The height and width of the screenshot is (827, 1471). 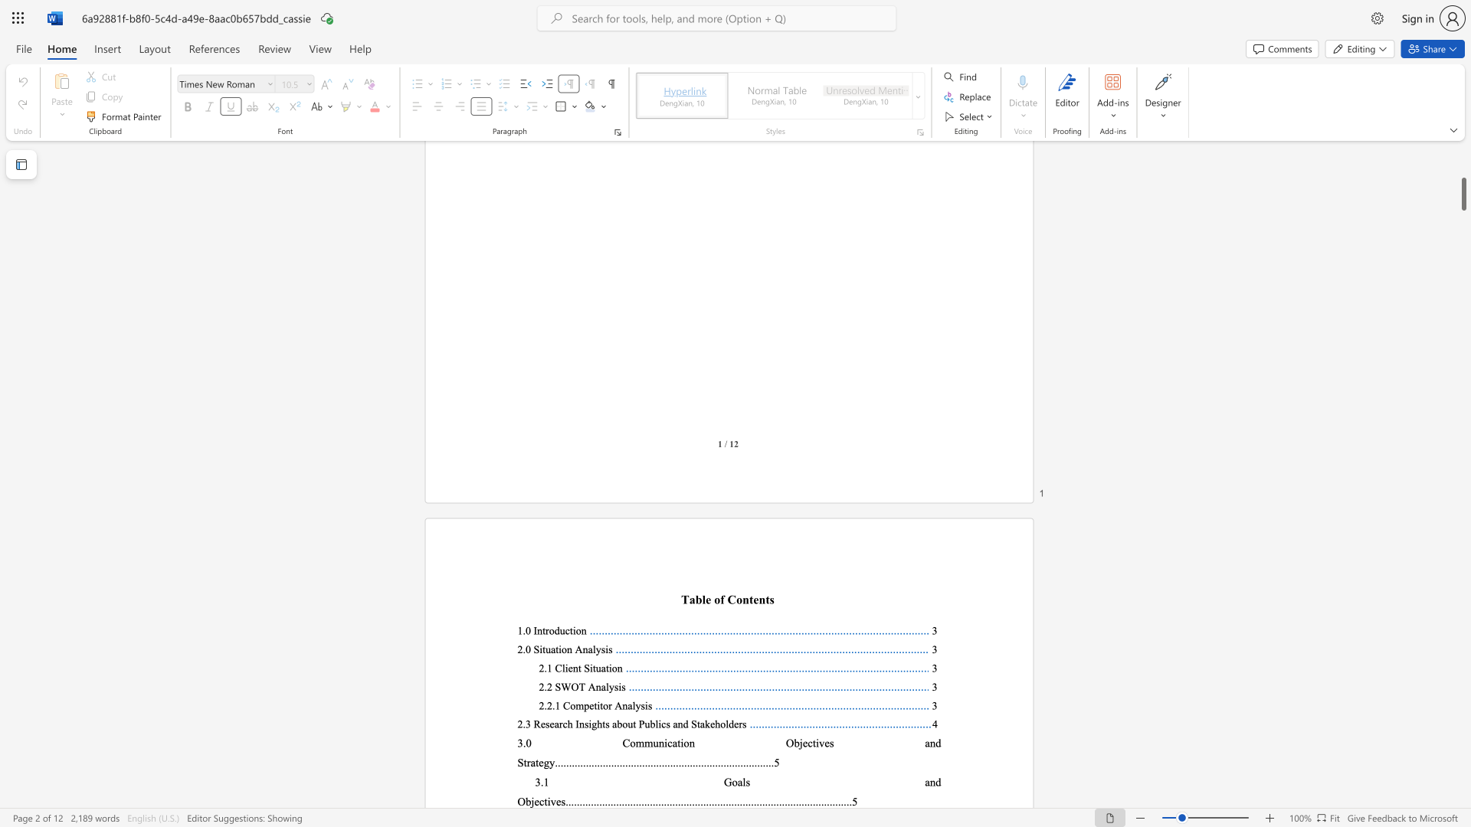 I want to click on the 2th character "e" in the text, so click(x=558, y=800).